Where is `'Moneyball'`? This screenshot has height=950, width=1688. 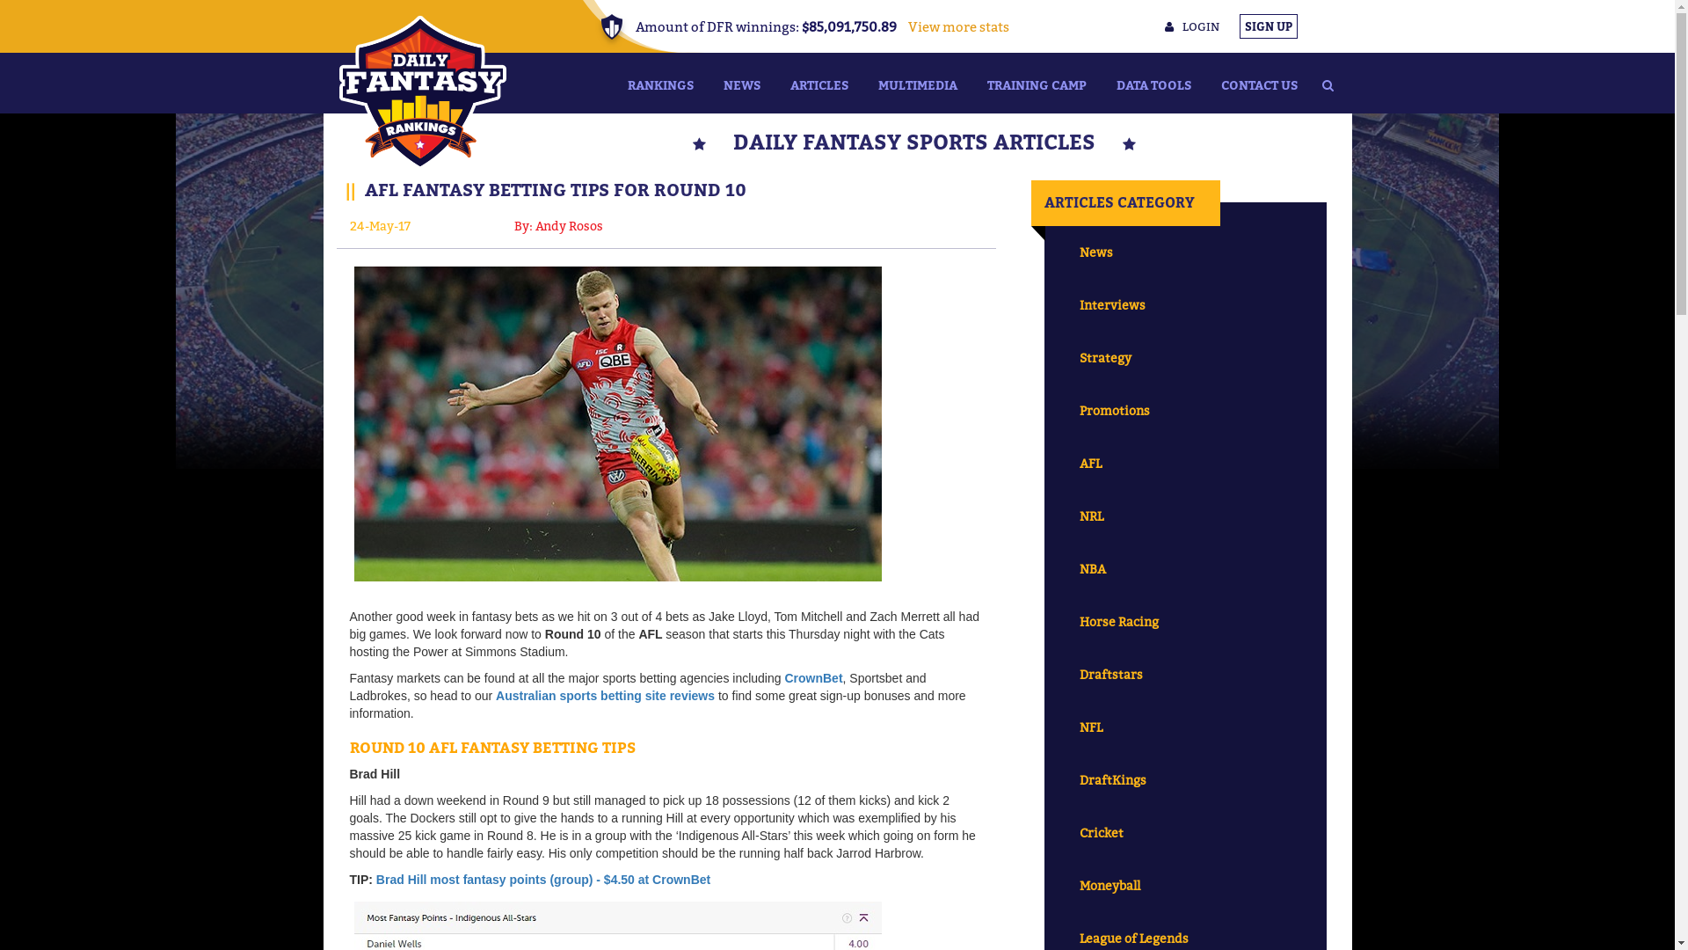 'Moneyball' is located at coordinates (1185, 885).